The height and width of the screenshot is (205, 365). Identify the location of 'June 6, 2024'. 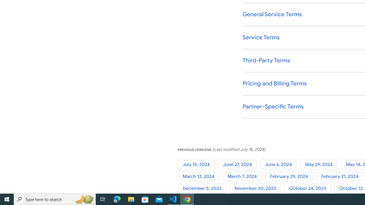
(280, 164).